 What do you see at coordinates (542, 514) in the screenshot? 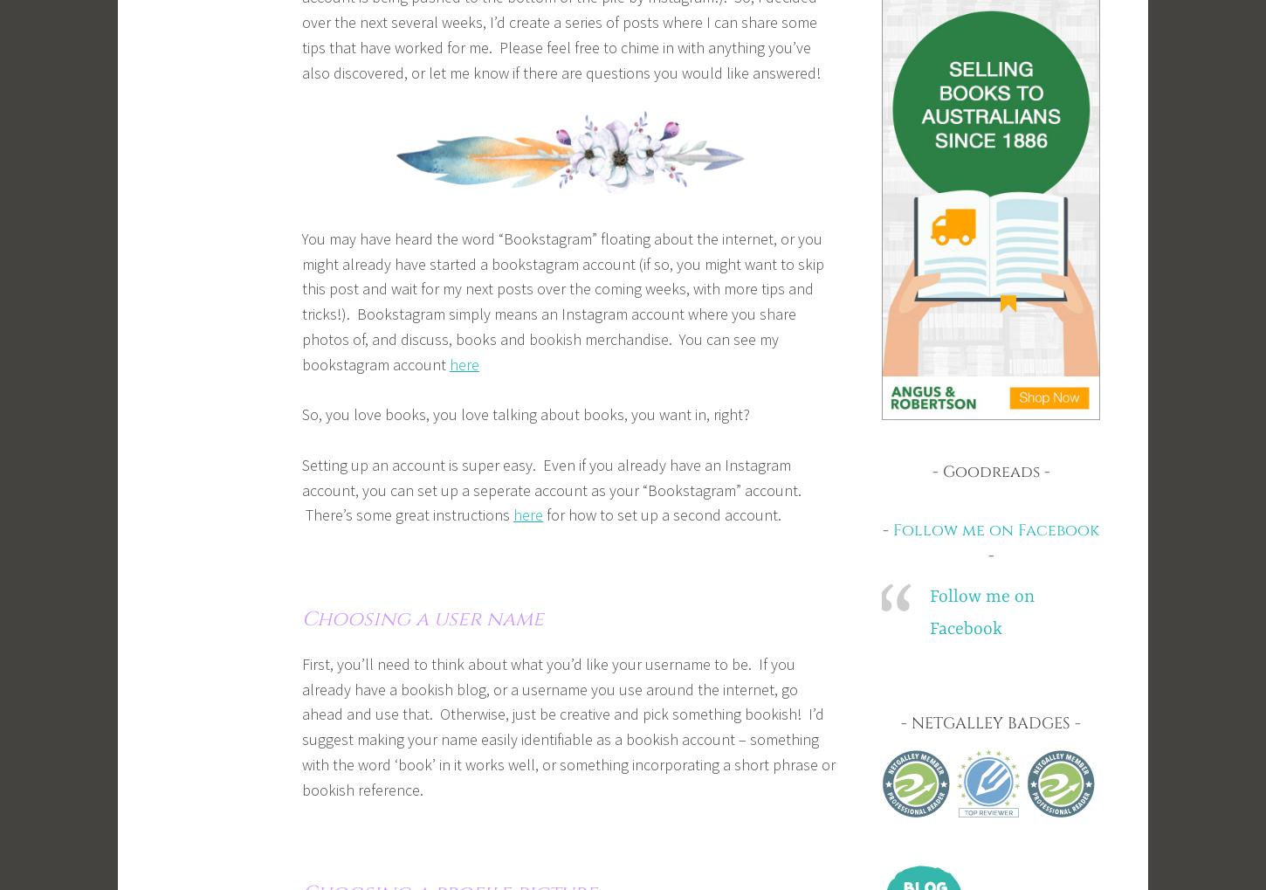
I see `'for how to set up a second account.'` at bounding box center [542, 514].